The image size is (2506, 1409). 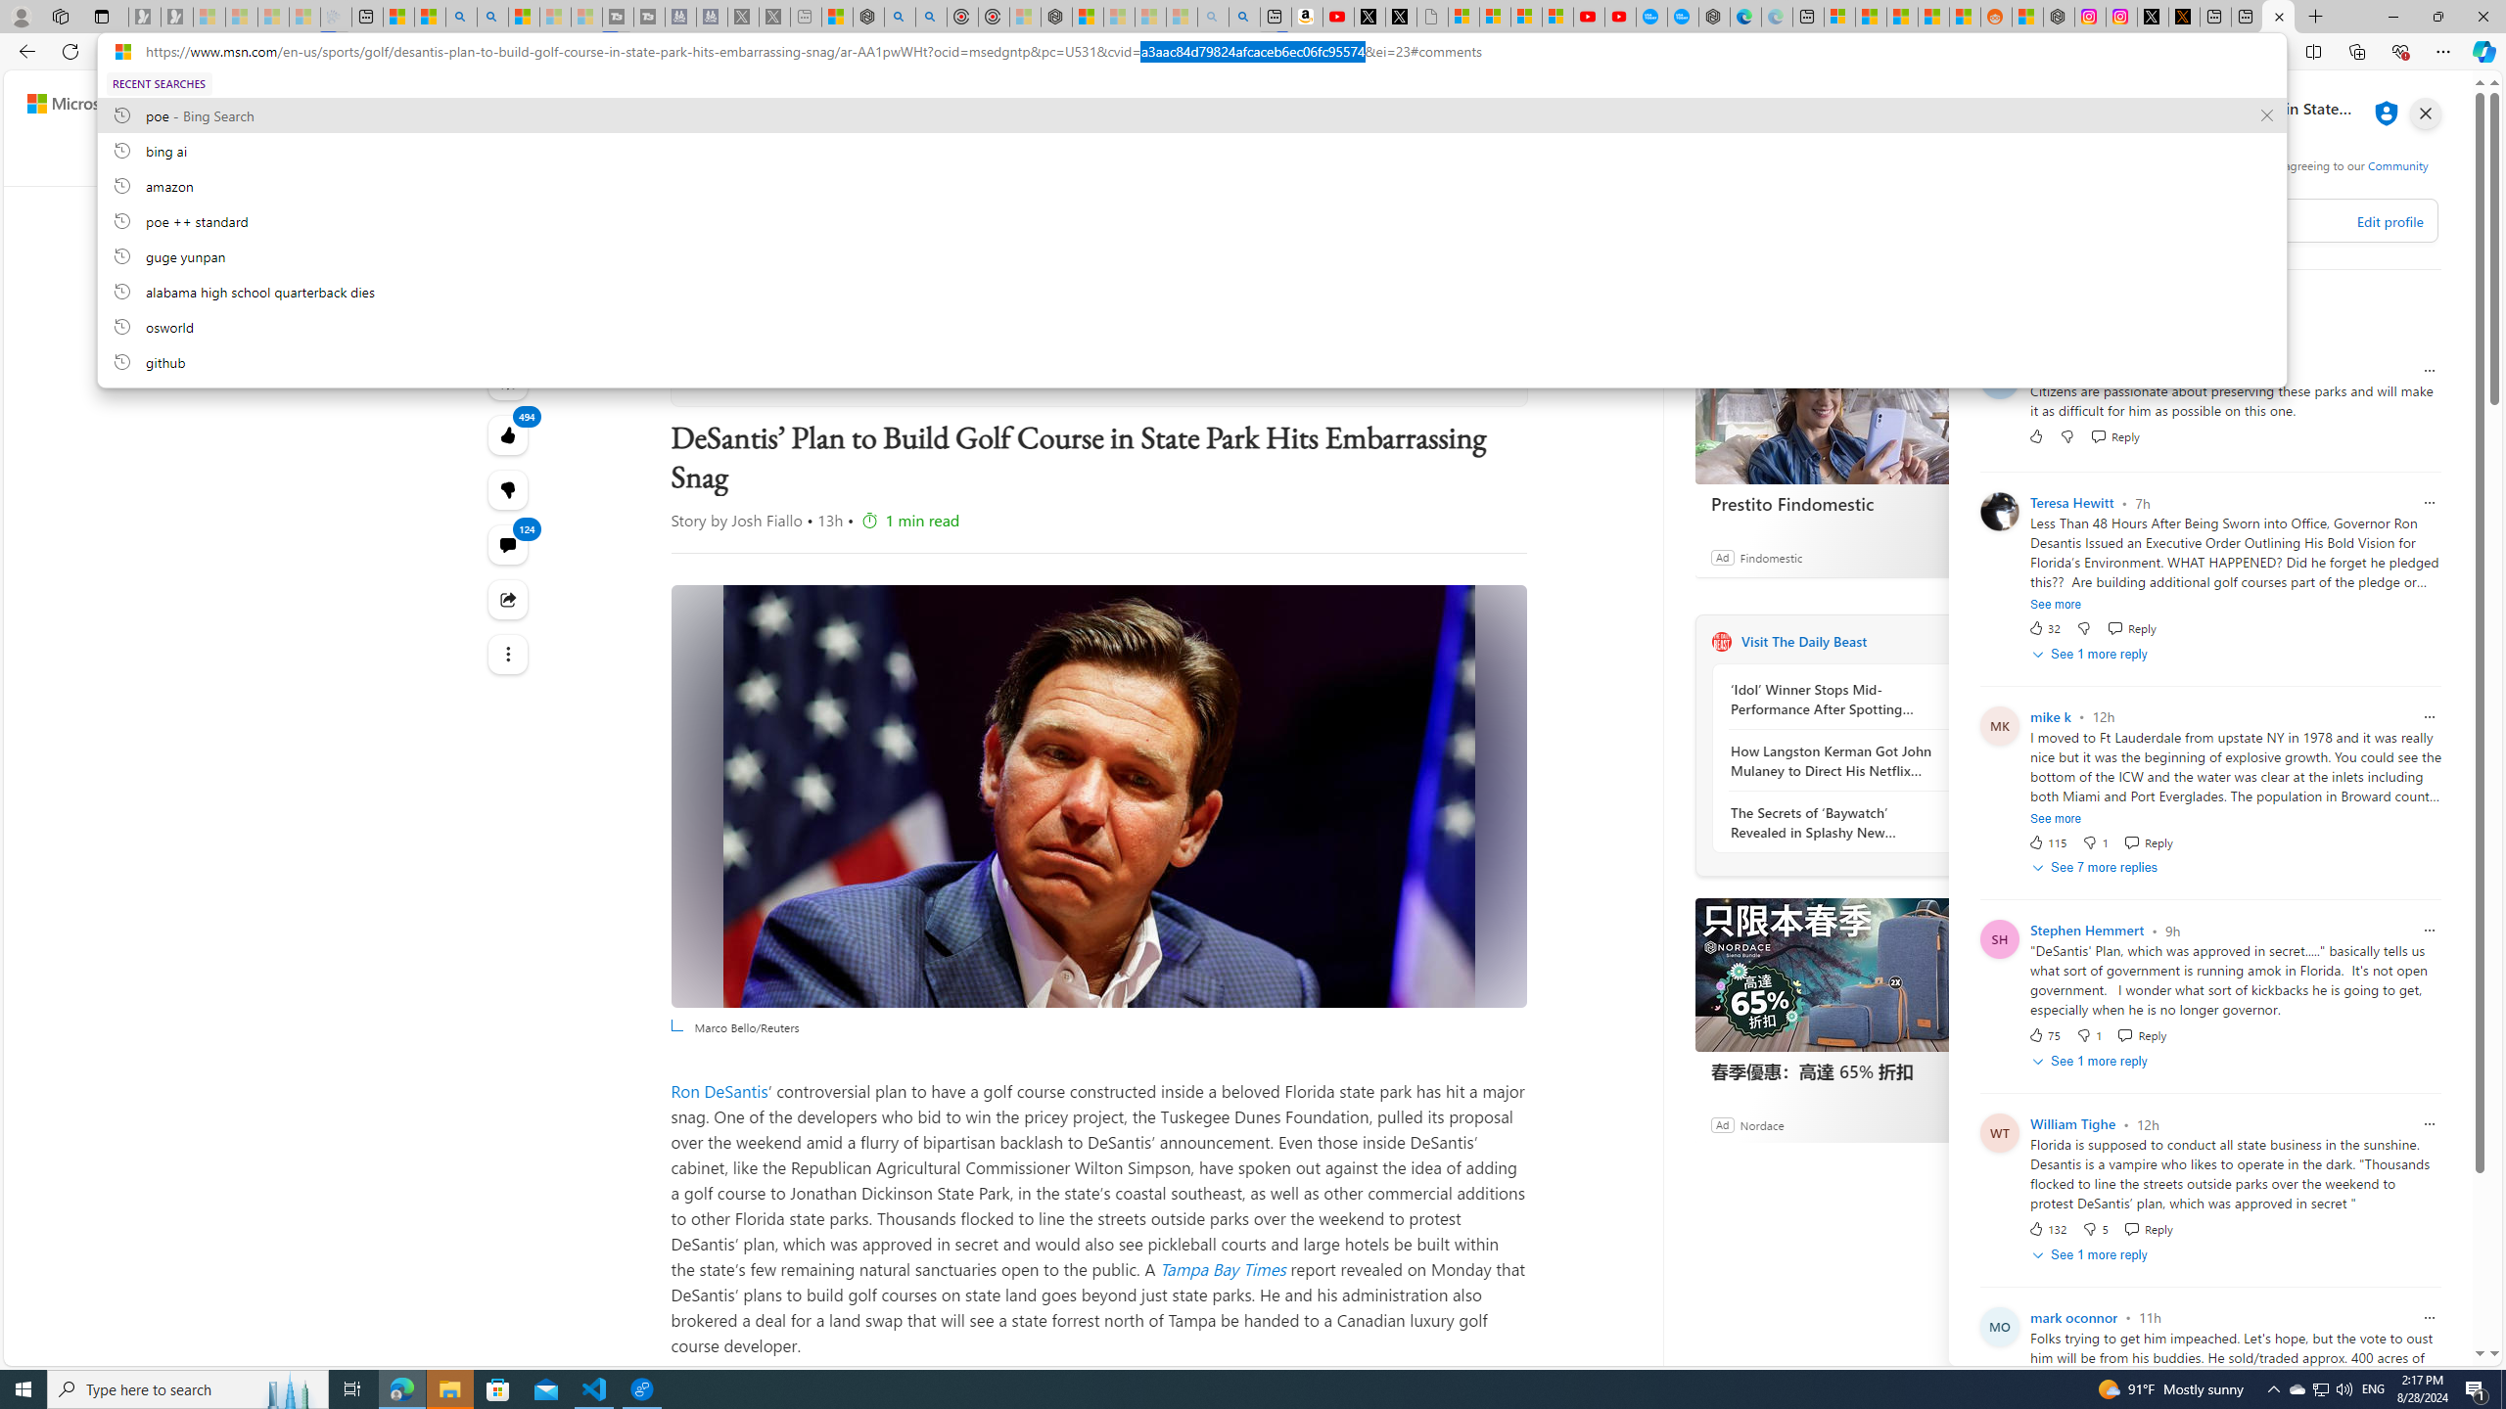 I want to click on 'Dislike', so click(x=2095, y=1229).